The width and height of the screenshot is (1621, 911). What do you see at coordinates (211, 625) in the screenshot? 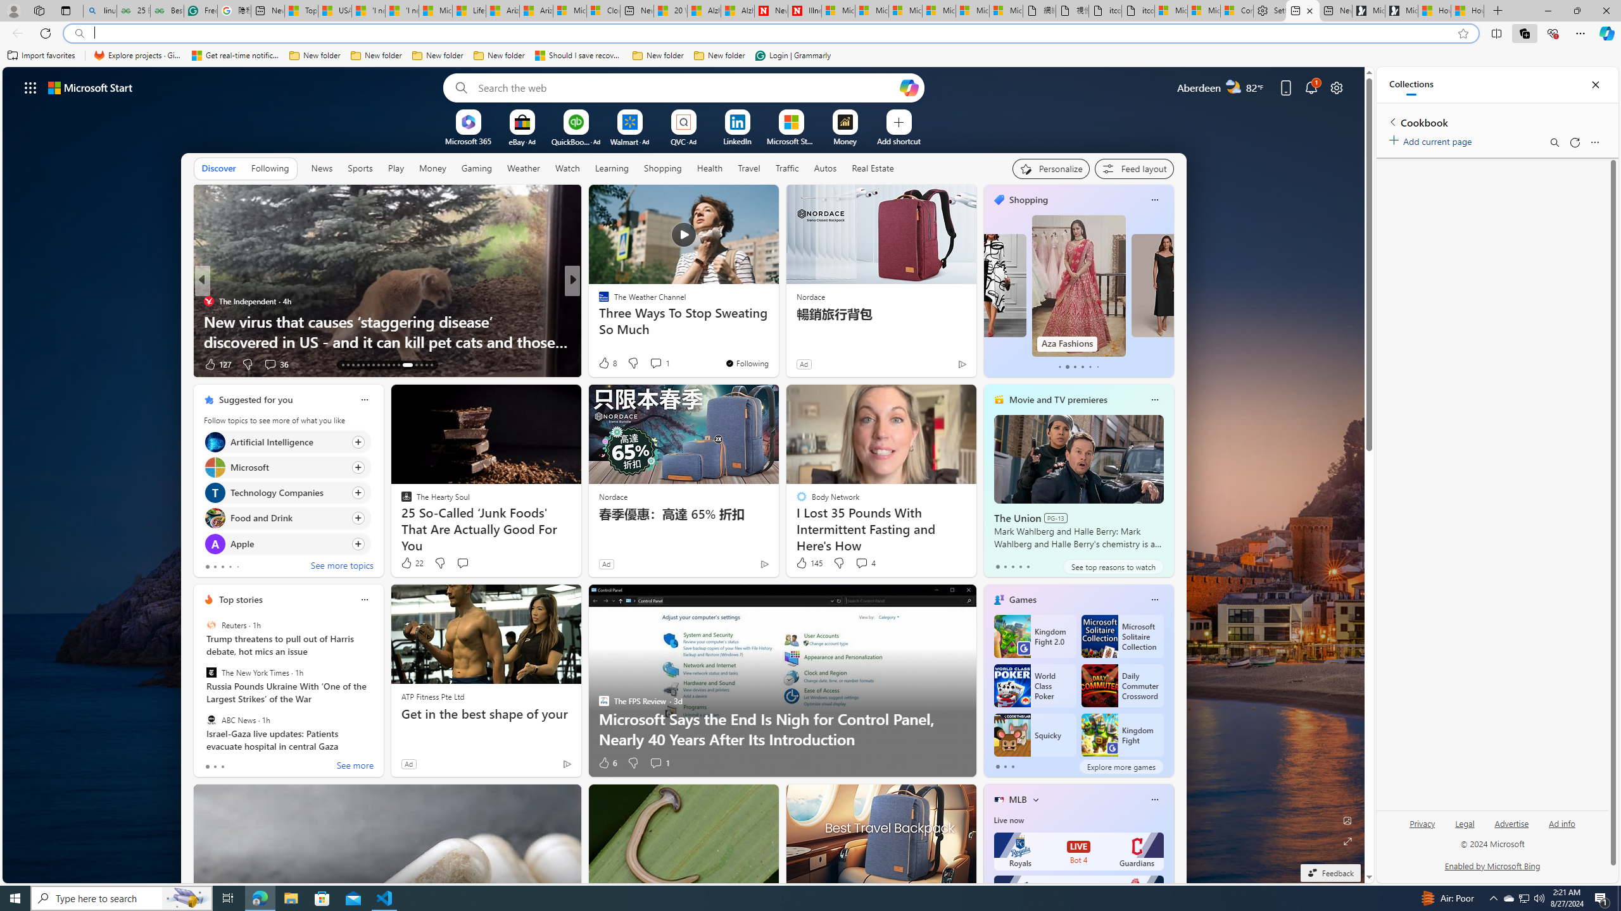
I see `'Reuters'` at bounding box center [211, 625].